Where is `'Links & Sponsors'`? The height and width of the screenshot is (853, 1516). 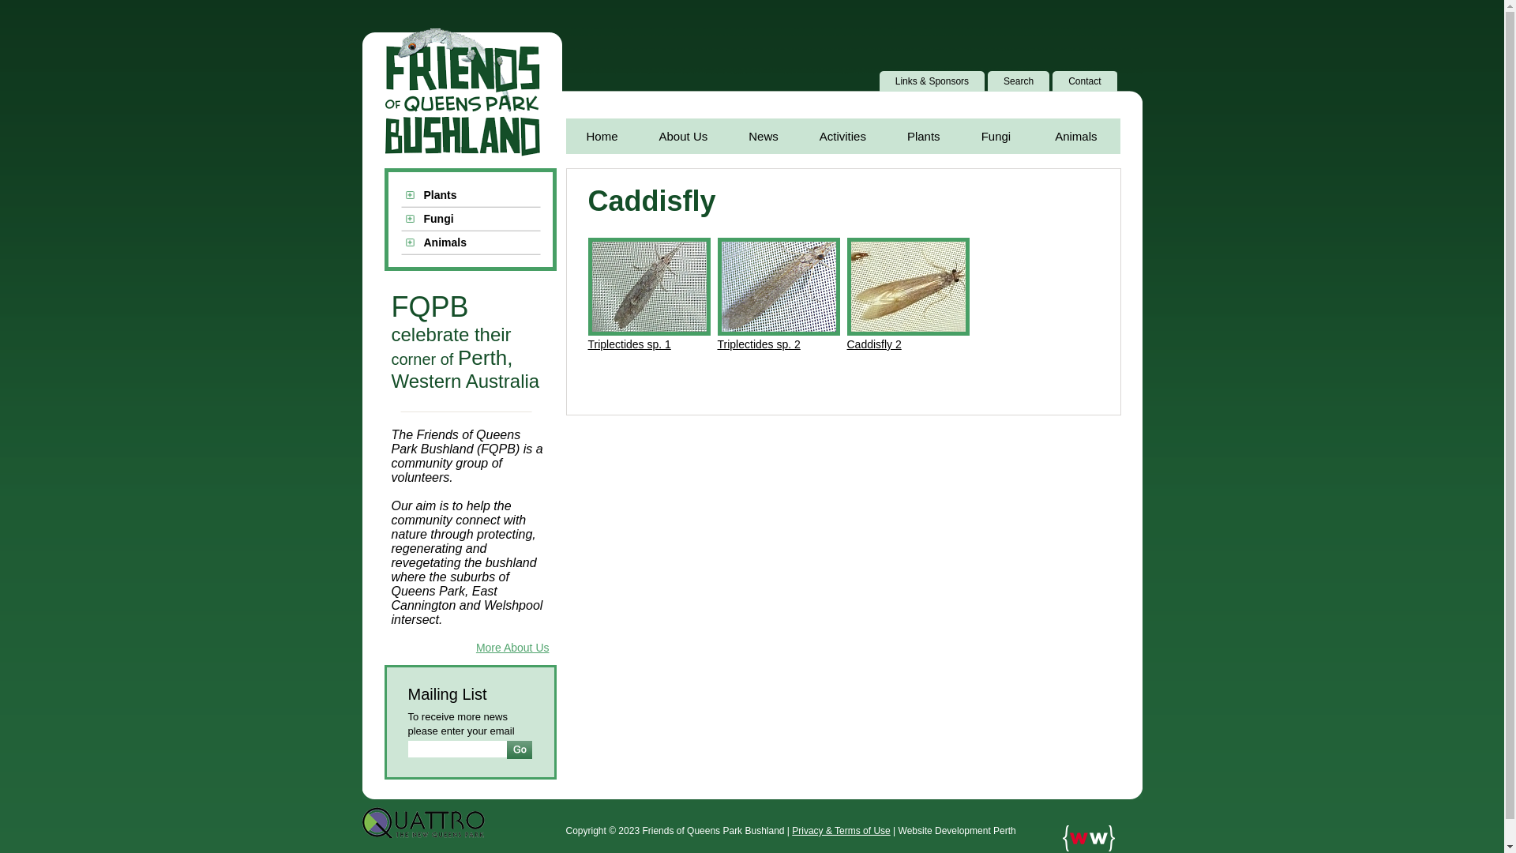 'Links & Sponsors' is located at coordinates (935, 81).